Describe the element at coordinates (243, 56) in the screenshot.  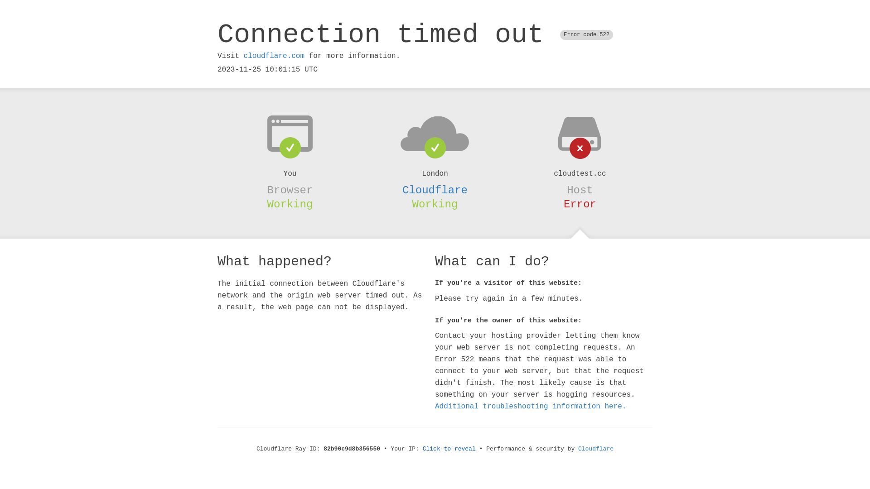
I see `'cloudflare.com'` at that location.